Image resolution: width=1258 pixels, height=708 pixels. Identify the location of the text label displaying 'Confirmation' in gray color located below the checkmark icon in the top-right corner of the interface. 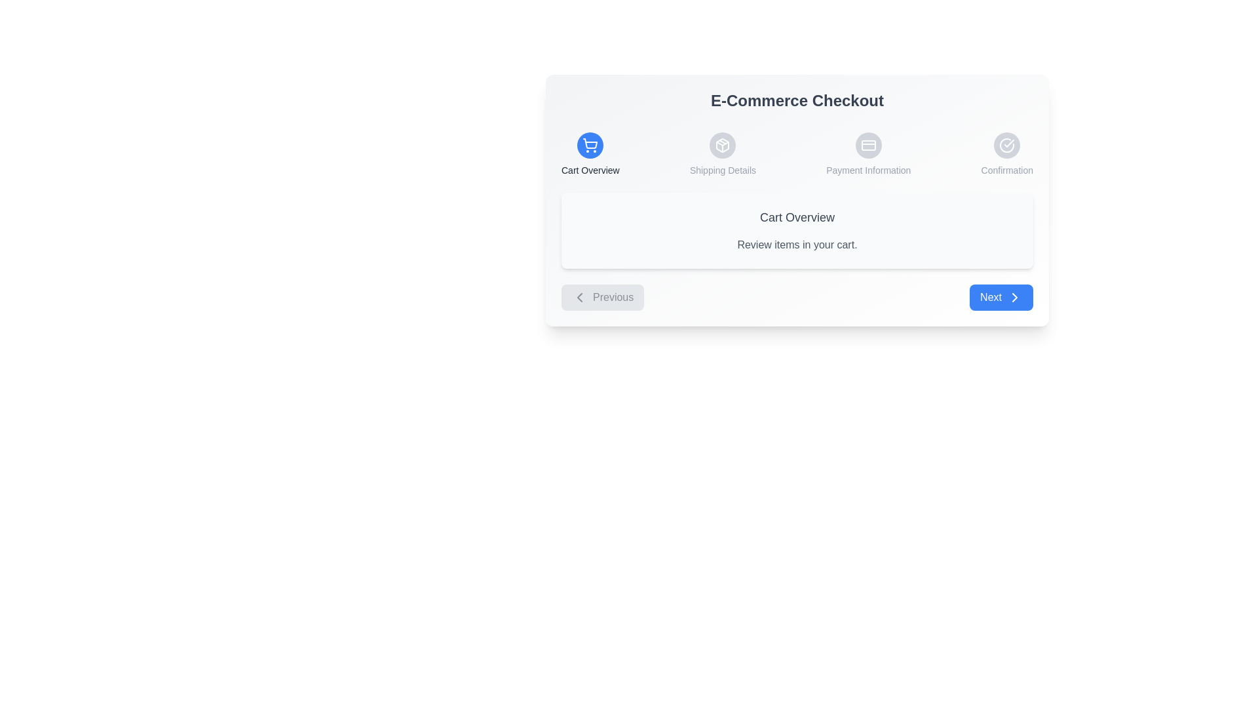
(1006, 169).